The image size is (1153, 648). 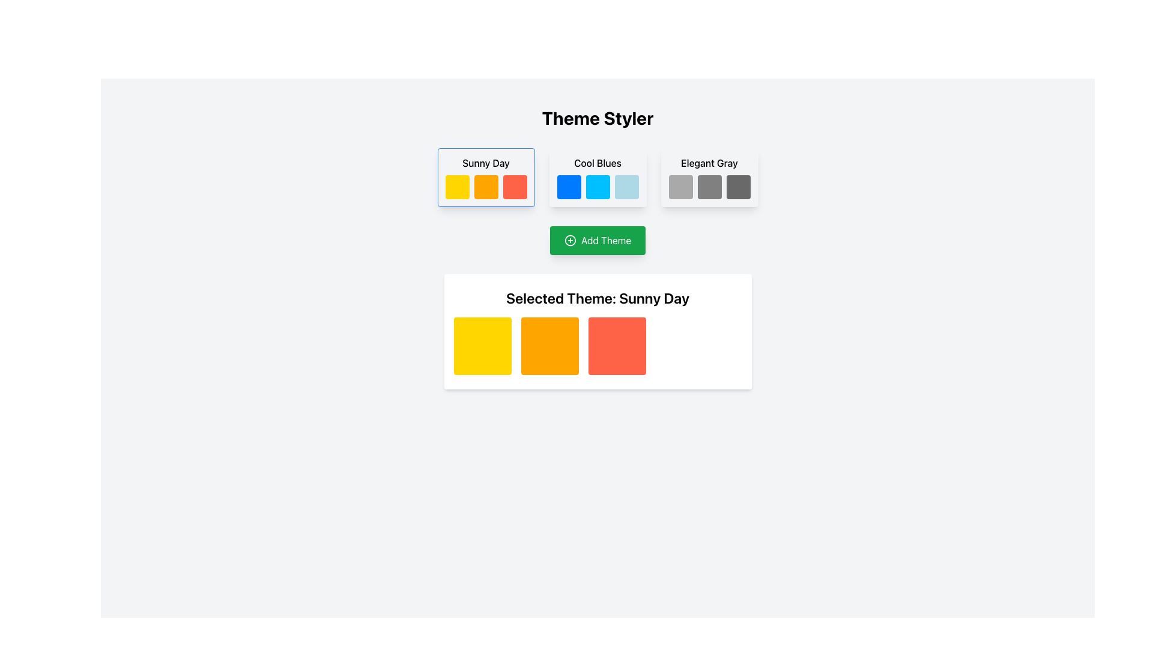 I want to click on the 'Sunny Day' interactive card located, so click(x=486, y=178).